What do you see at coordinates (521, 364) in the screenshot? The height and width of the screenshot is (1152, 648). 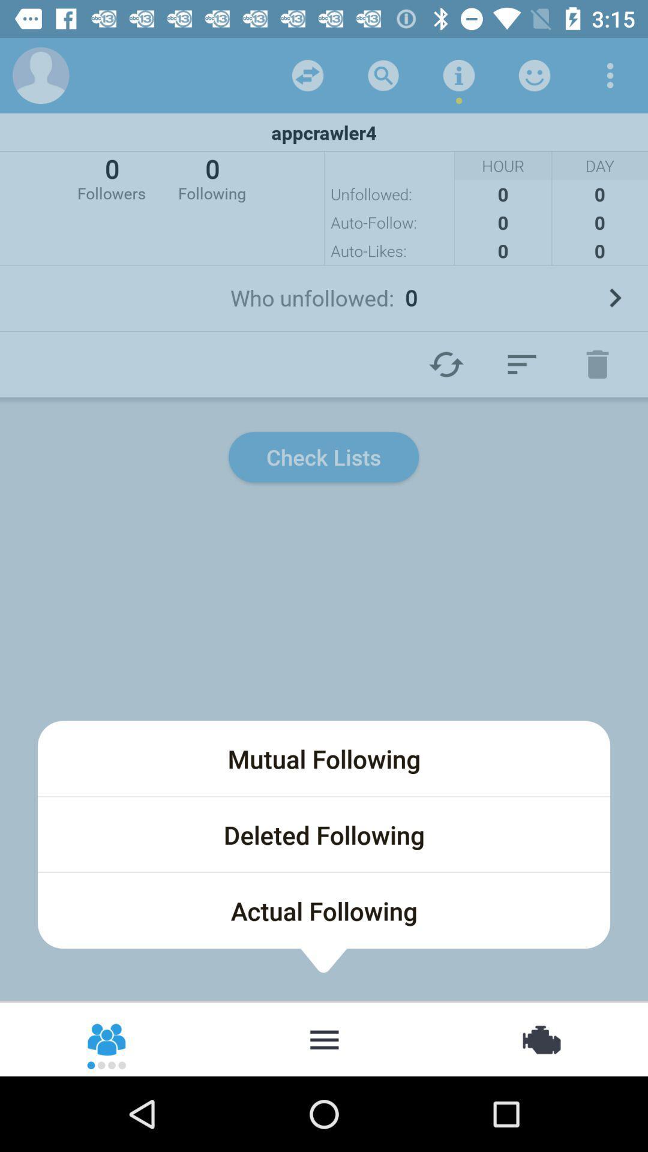 I see `follow` at bounding box center [521, 364].